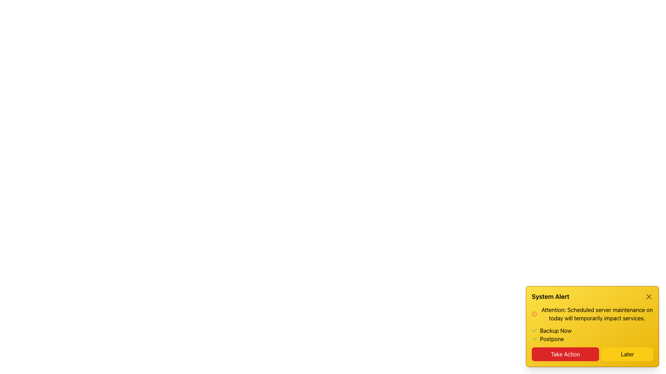  What do you see at coordinates (534, 314) in the screenshot?
I see `the warning icon located at the leftmost side of the yellow alert box that indicates scheduled server maintenance` at bounding box center [534, 314].